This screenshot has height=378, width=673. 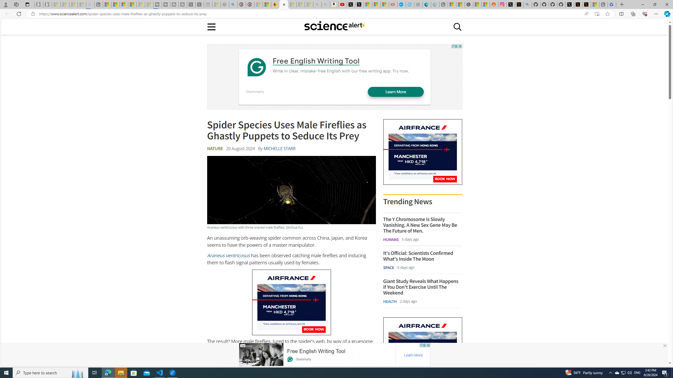 What do you see at coordinates (410, 4) in the screenshot?
I see `'The most popular Google '` at bounding box center [410, 4].